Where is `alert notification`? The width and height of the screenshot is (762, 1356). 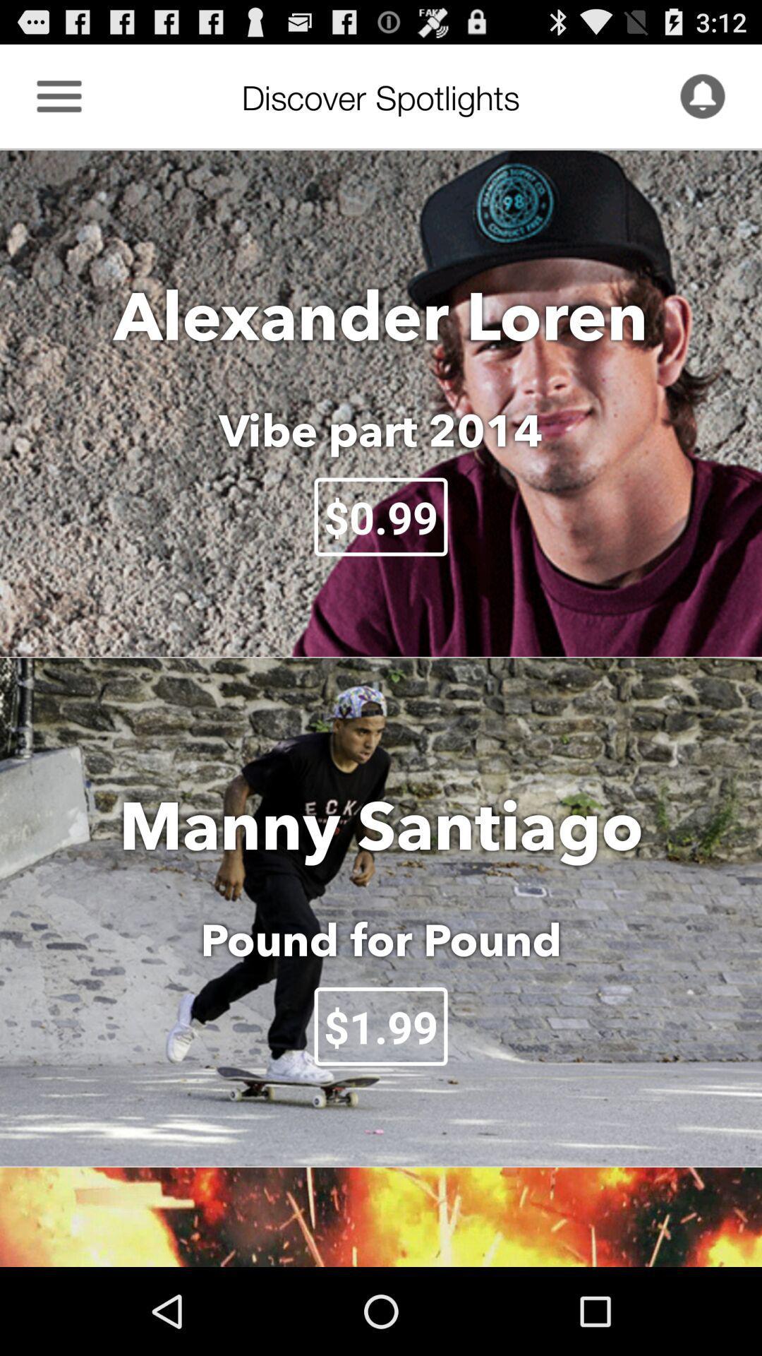
alert notification is located at coordinates (702, 95).